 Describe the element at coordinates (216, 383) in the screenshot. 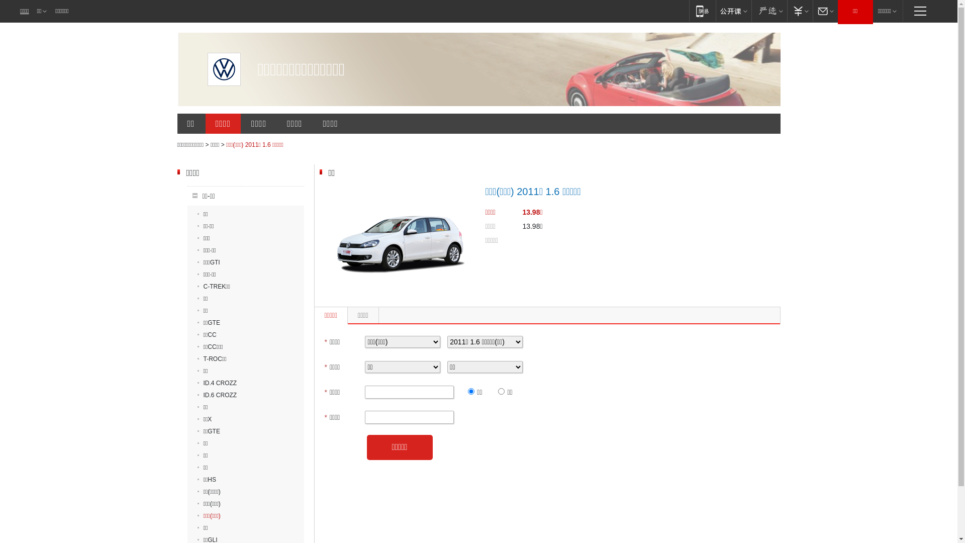

I see `'ID.4 CROZZ'` at that location.